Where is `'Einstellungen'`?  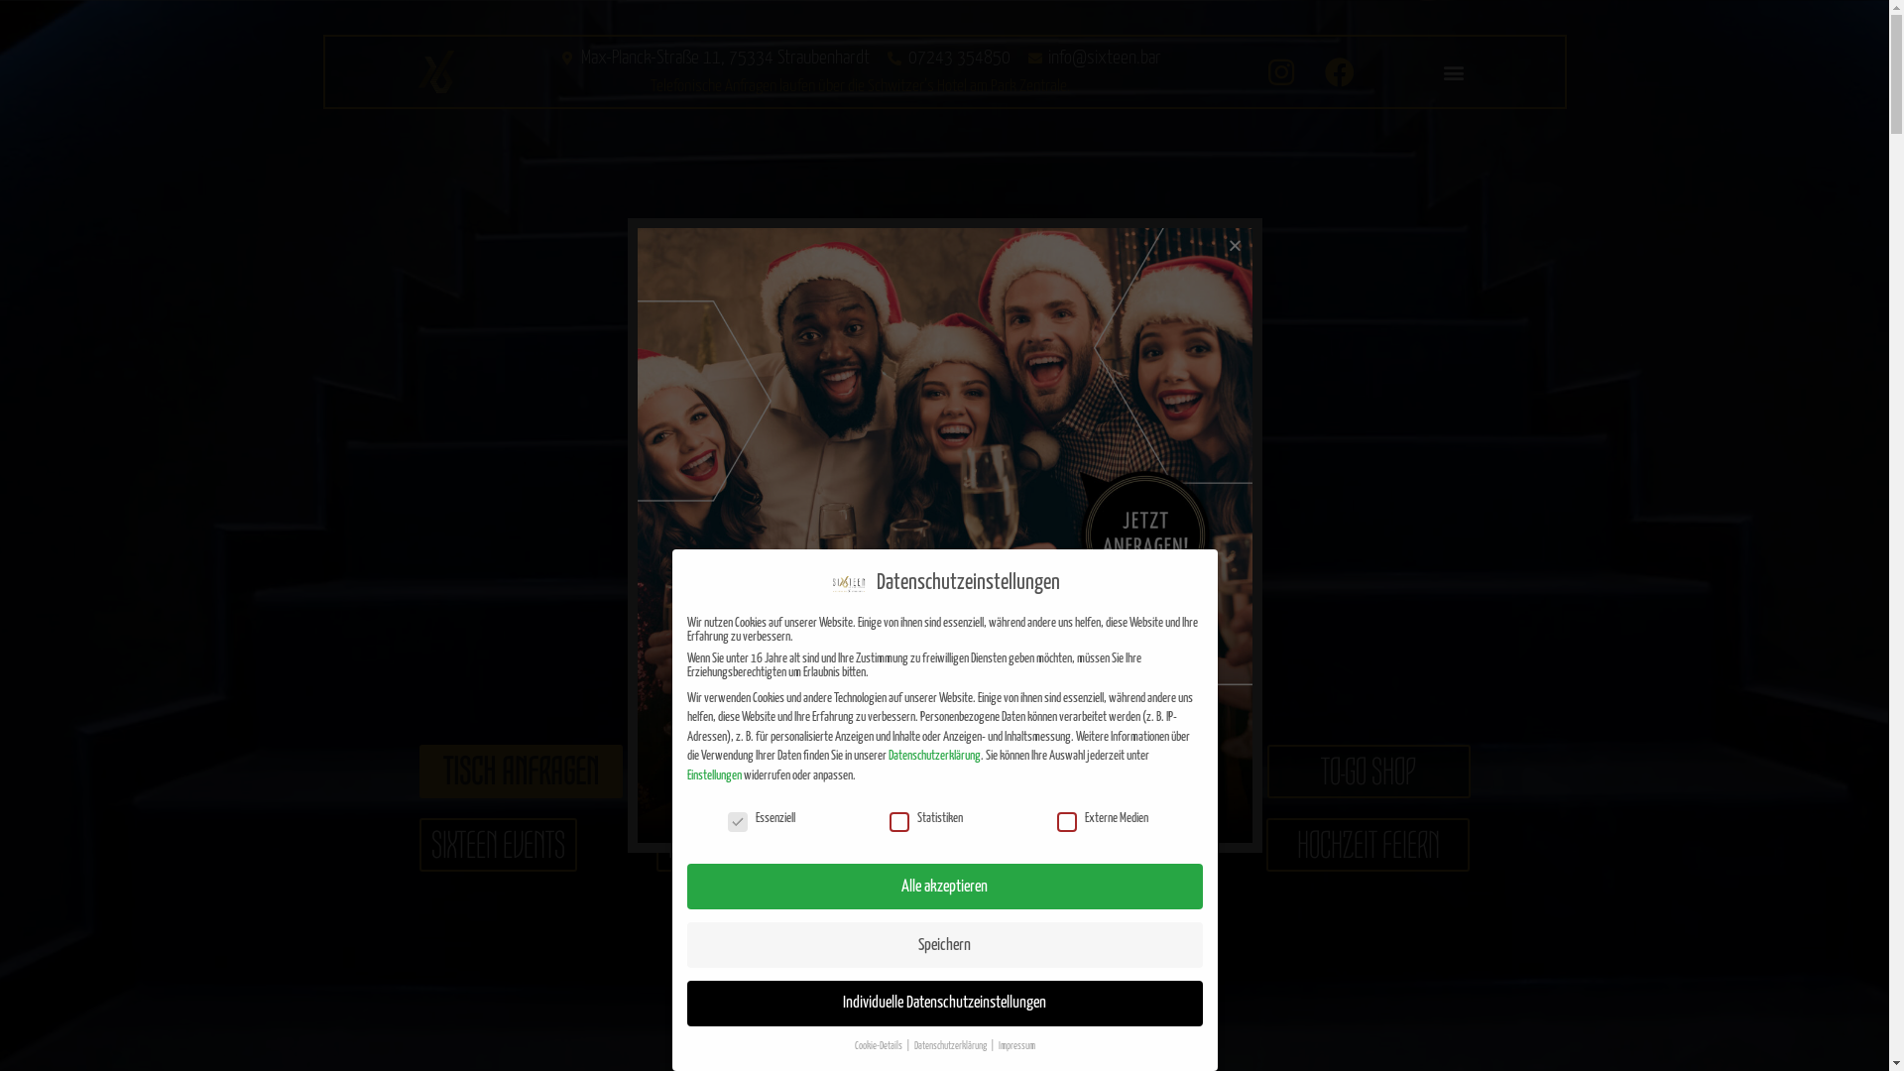 'Einstellungen' is located at coordinates (713, 774).